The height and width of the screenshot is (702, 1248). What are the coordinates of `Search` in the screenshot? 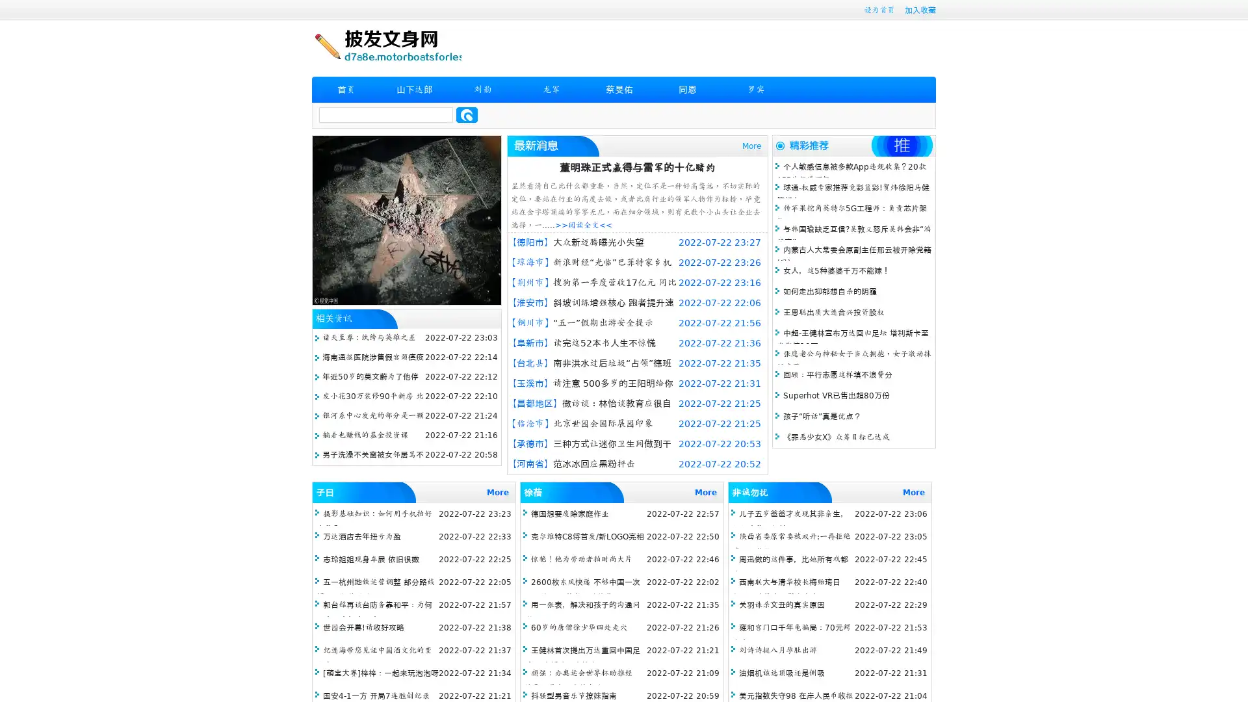 It's located at (467, 114).